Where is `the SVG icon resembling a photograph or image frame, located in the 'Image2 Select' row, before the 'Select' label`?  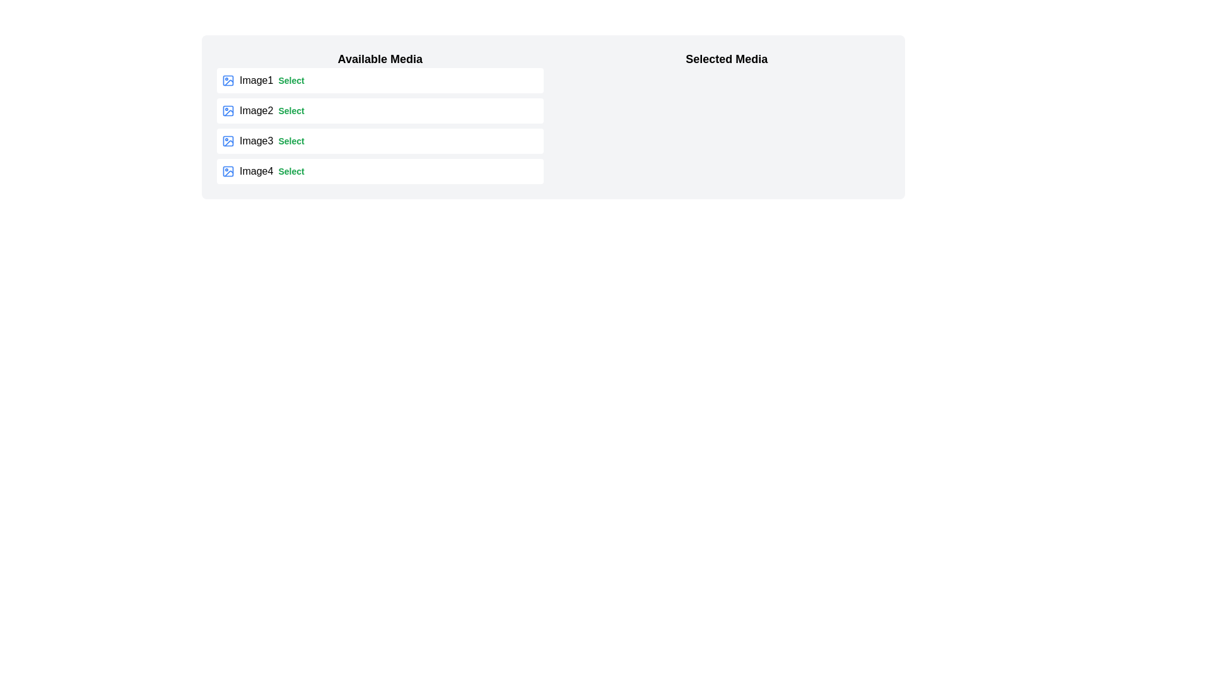 the SVG icon resembling a photograph or image frame, located in the 'Image2 Select' row, before the 'Select' label is located at coordinates (228, 110).